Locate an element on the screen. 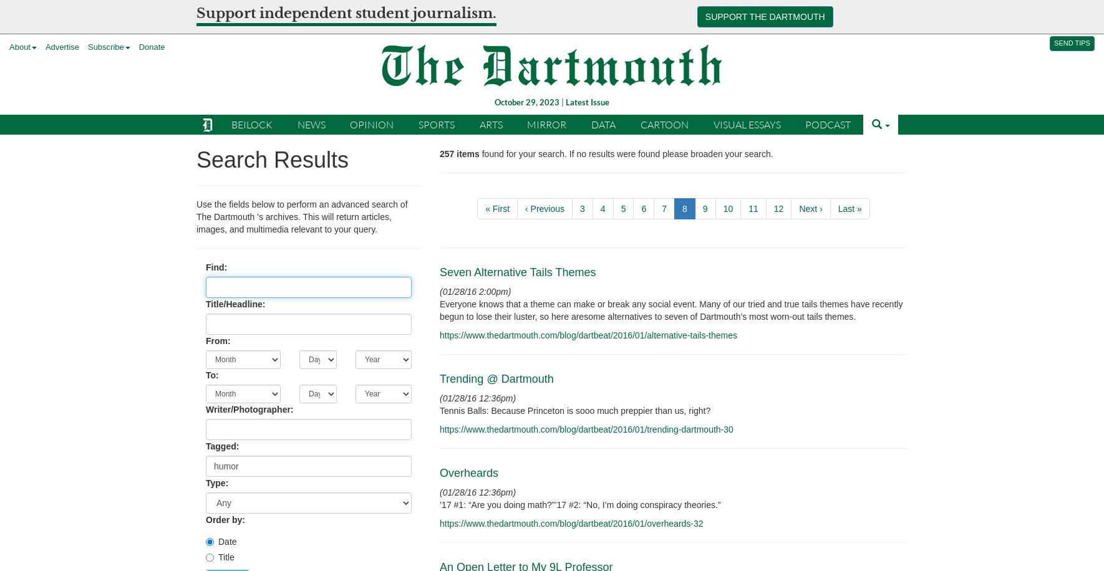 Image resolution: width=1104 pixels, height=571 pixels. 'Arts' is located at coordinates (490, 123).